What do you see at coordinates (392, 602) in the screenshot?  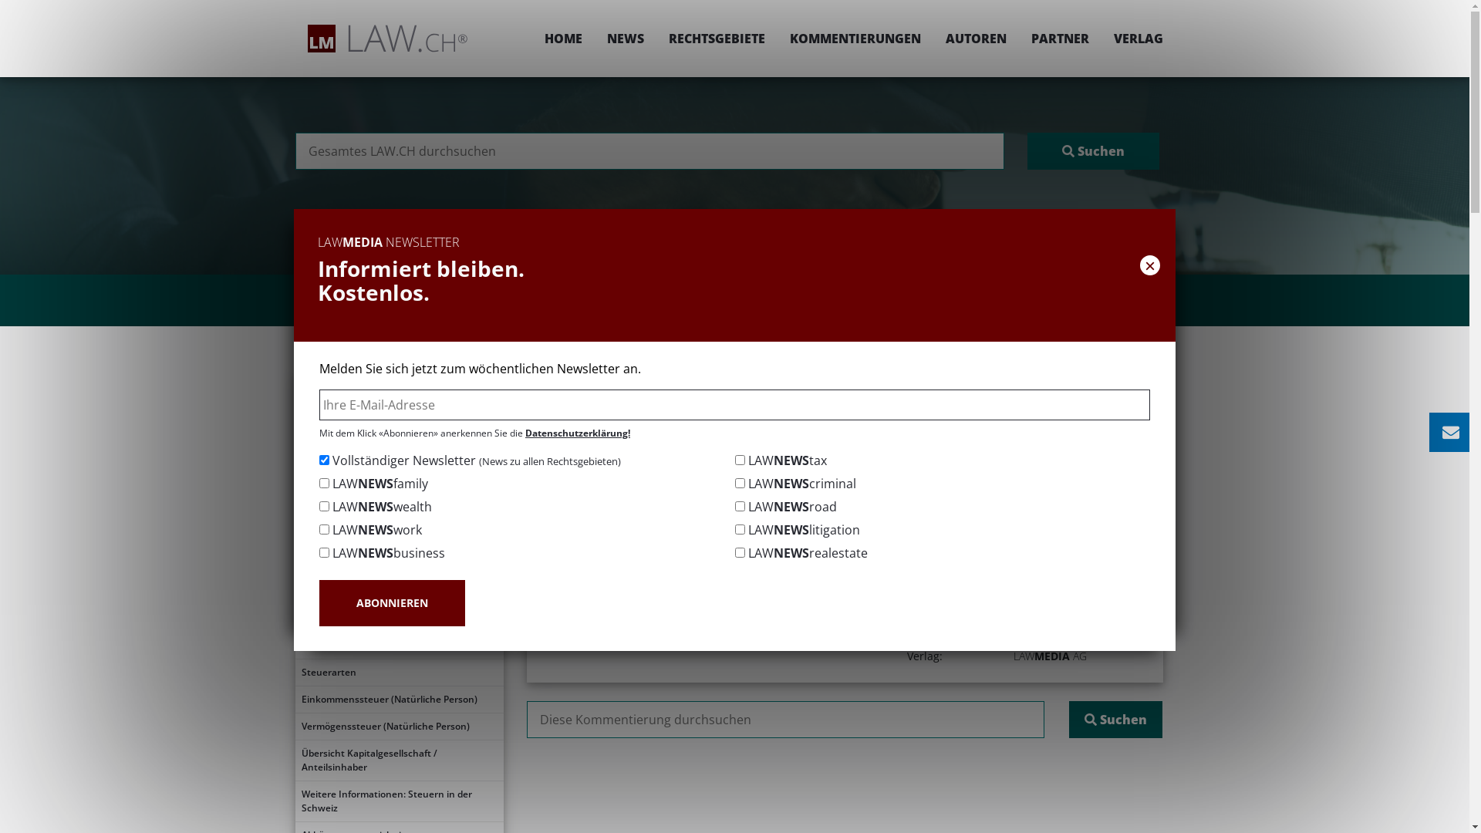 I see `'ABONNIEREN'` at bounding box center [392, 602].